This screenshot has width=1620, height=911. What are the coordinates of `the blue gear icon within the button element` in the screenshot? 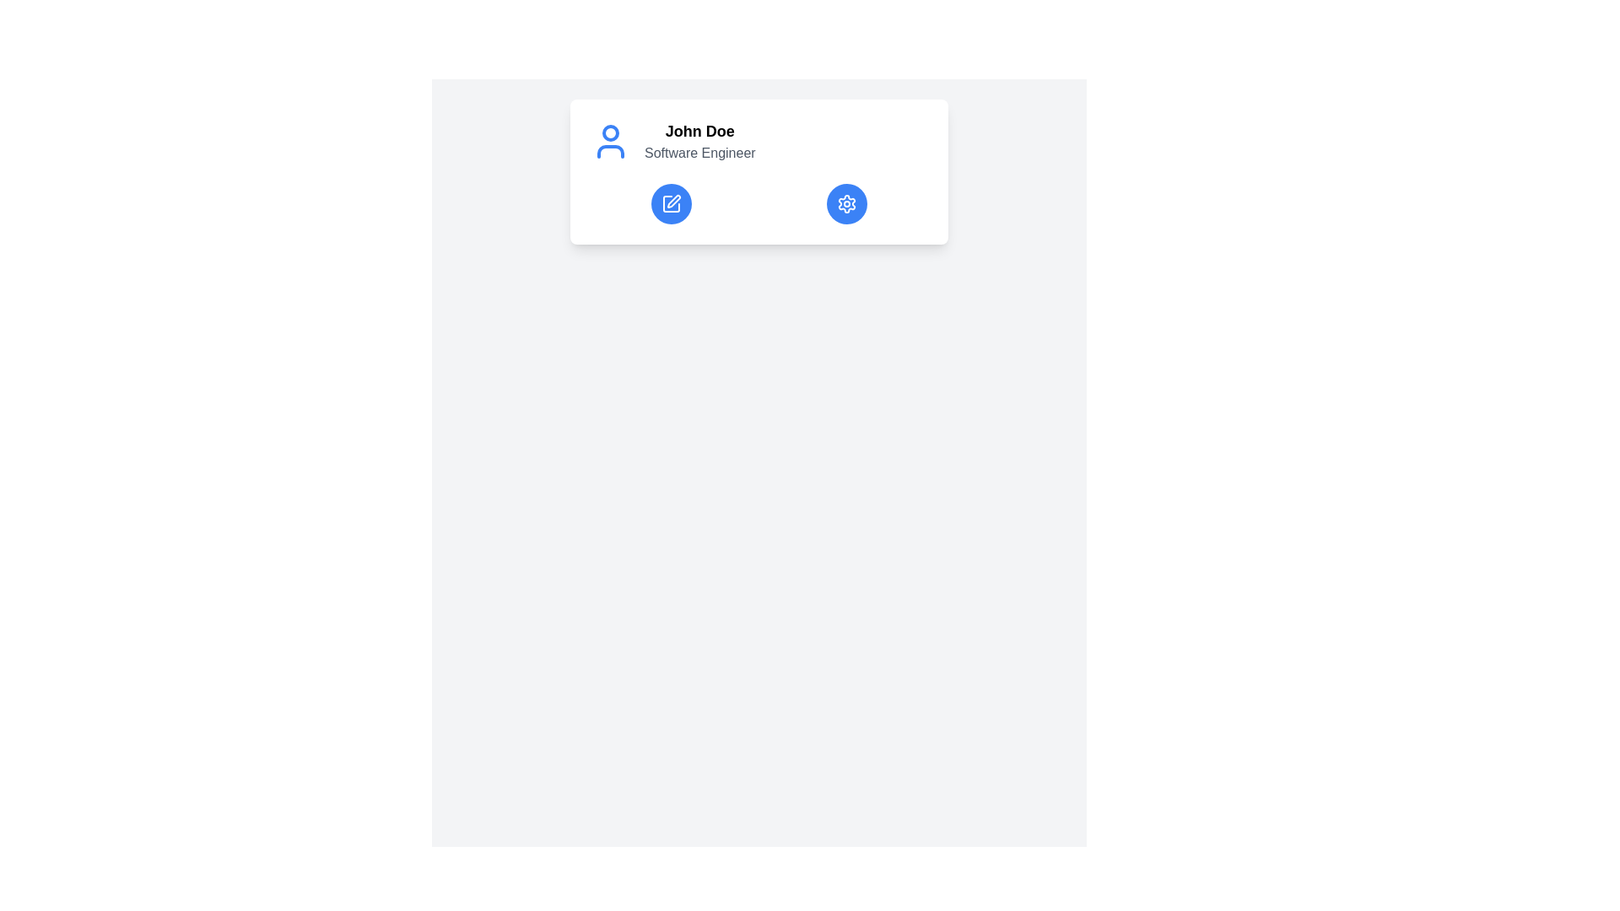 It's located at (846, 203).